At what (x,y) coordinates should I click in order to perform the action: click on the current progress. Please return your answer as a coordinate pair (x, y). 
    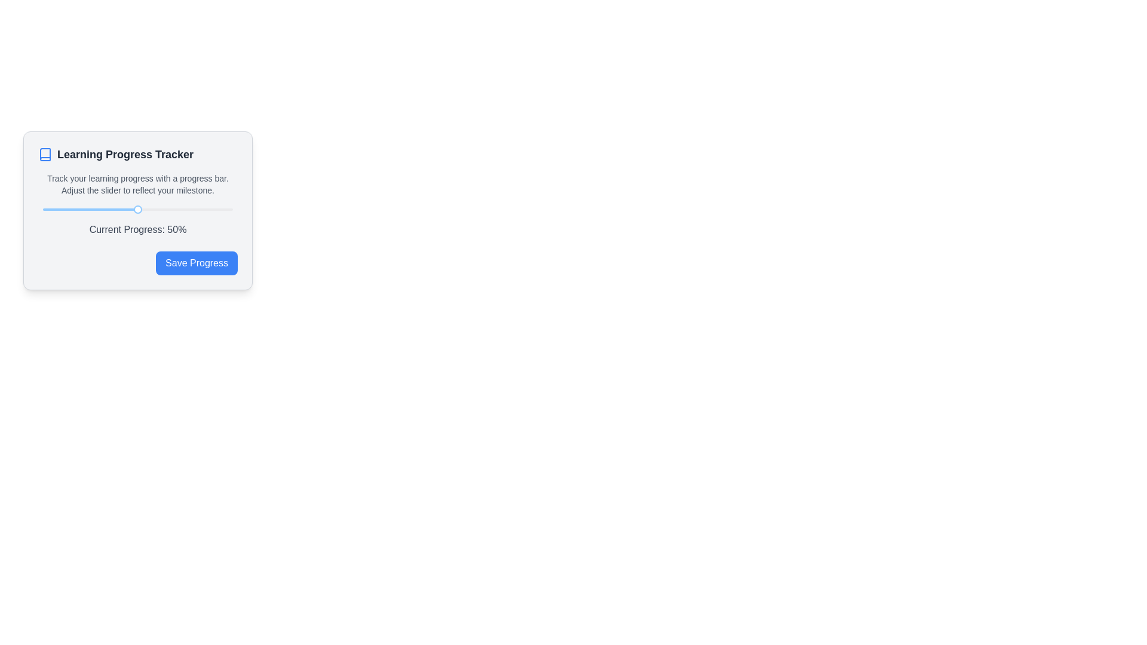
    Looking at the image, I should click on (158, 209).